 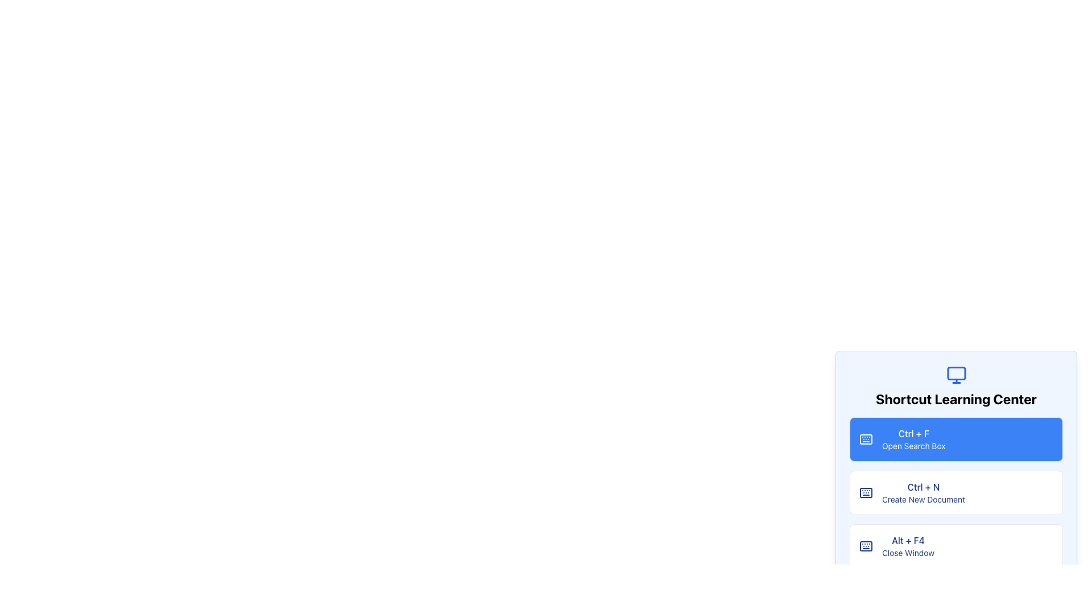 What do you see at coordinates (955, 545) in the screenshot?
I see `the third Shortcut card in the vertical list that shows the keyboard shortcut 'Alt + F4' for closing a window` at bounding box center [955, 545].